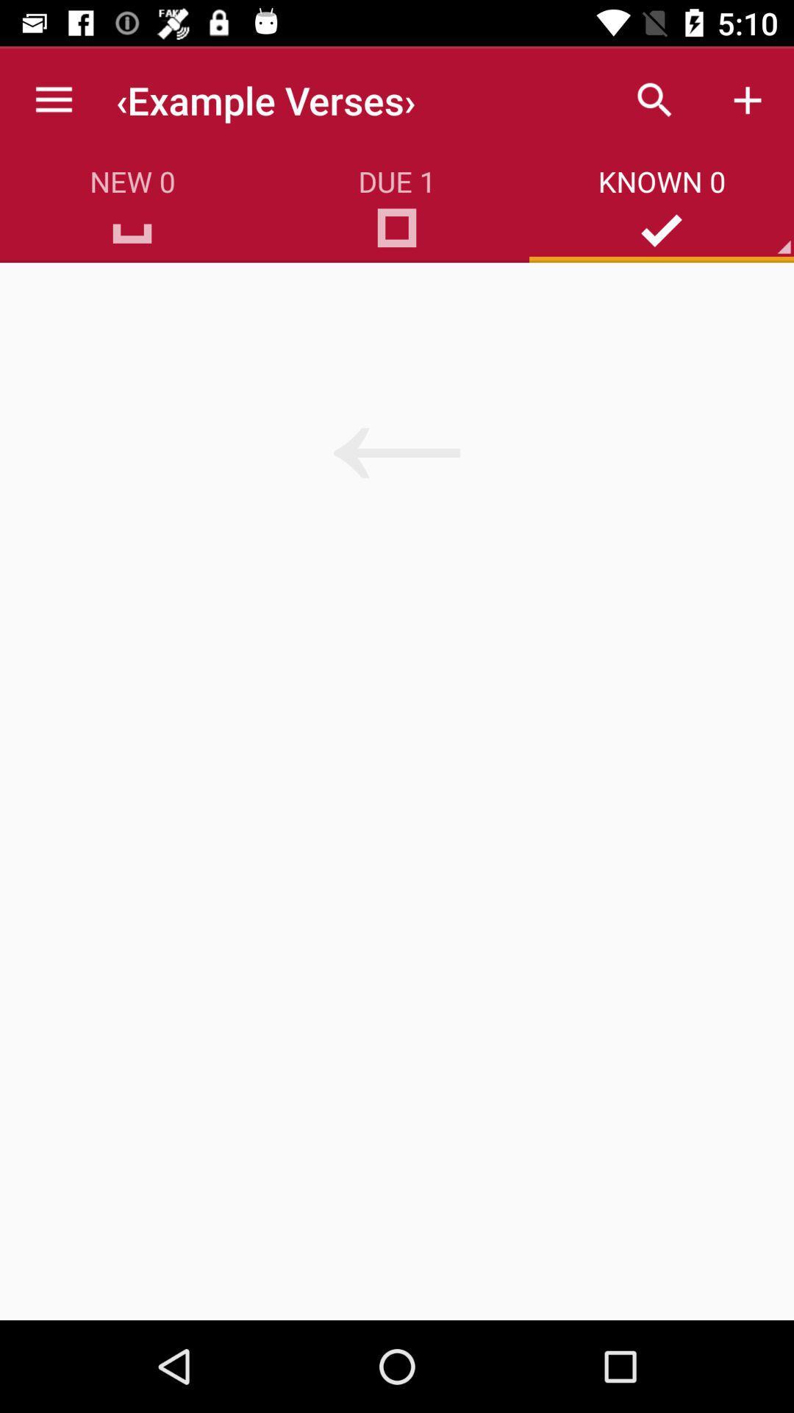  I want to click on the icon above known 0 item, so click(748, 99).